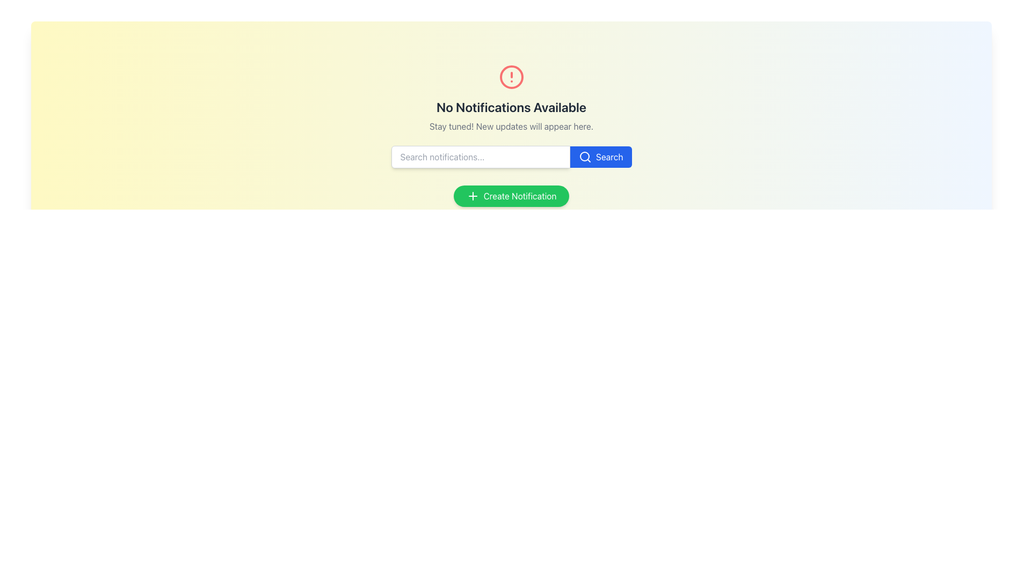  What do you see at coordinates (584, 157) in the screenshot?
I see `the search icon located inside the blue rectangular button labeled 'Search'` at bounding box center [584, 157].